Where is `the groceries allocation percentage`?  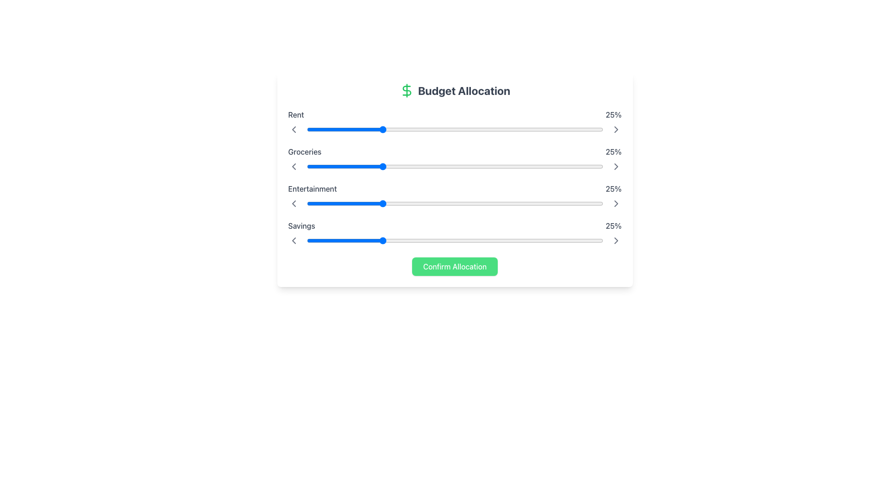 the groceries allocation percentage is located at coordinates (449, 166).